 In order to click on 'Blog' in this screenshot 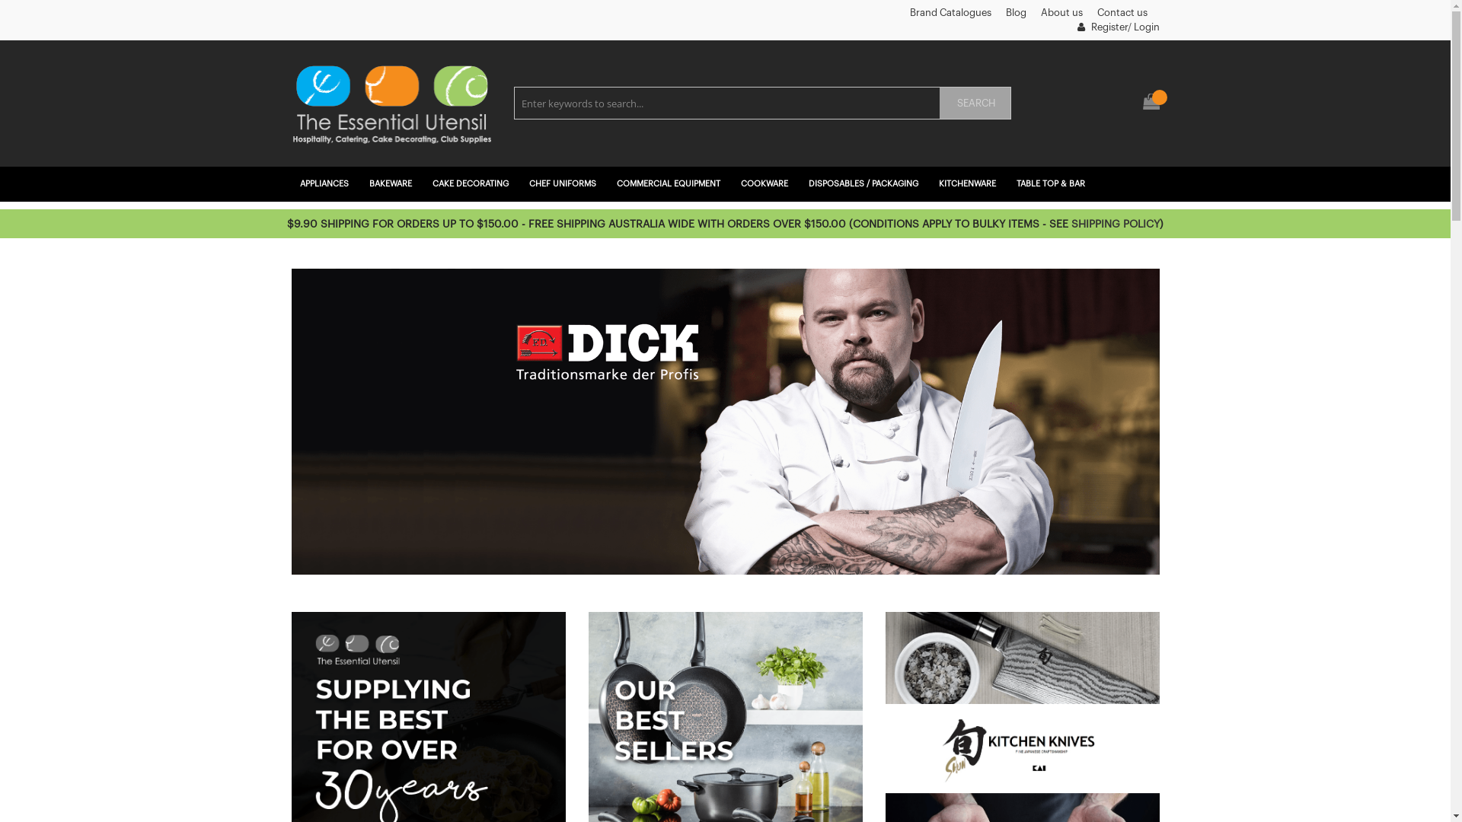, I will do `click(1005, 12)`.